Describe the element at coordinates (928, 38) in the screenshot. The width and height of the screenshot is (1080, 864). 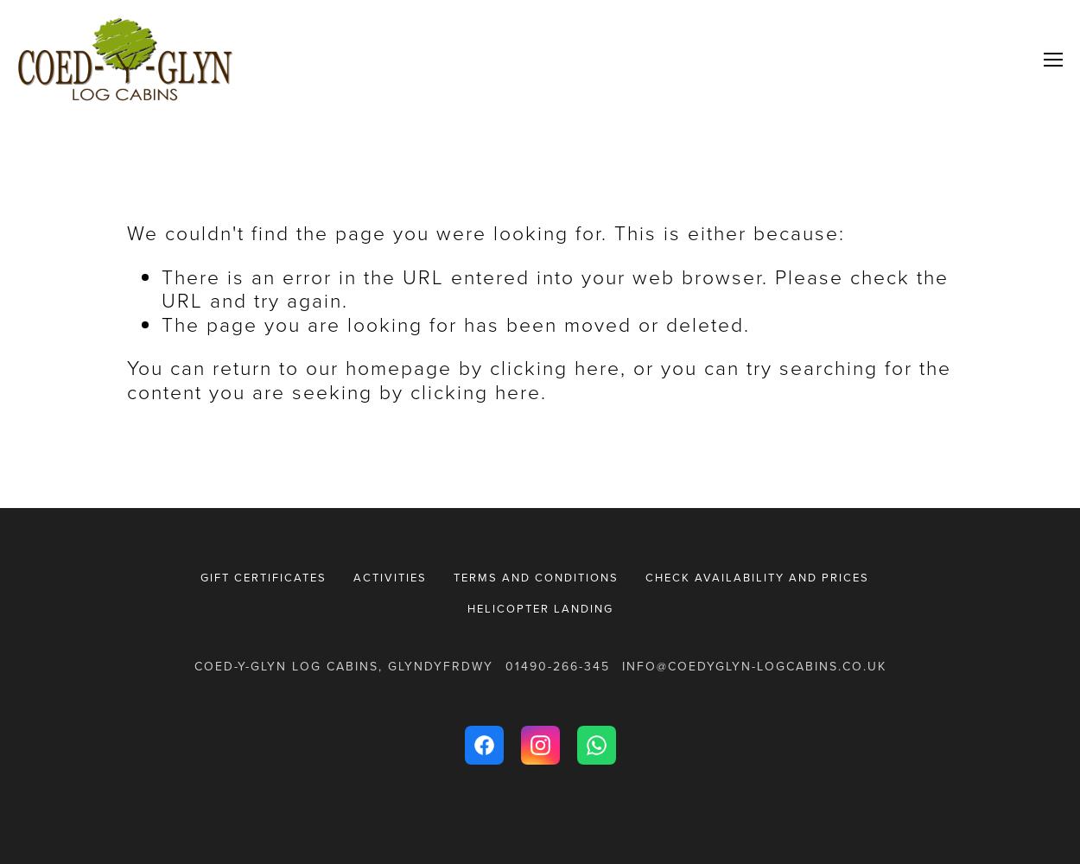
I see `'Welcome'` at that location.